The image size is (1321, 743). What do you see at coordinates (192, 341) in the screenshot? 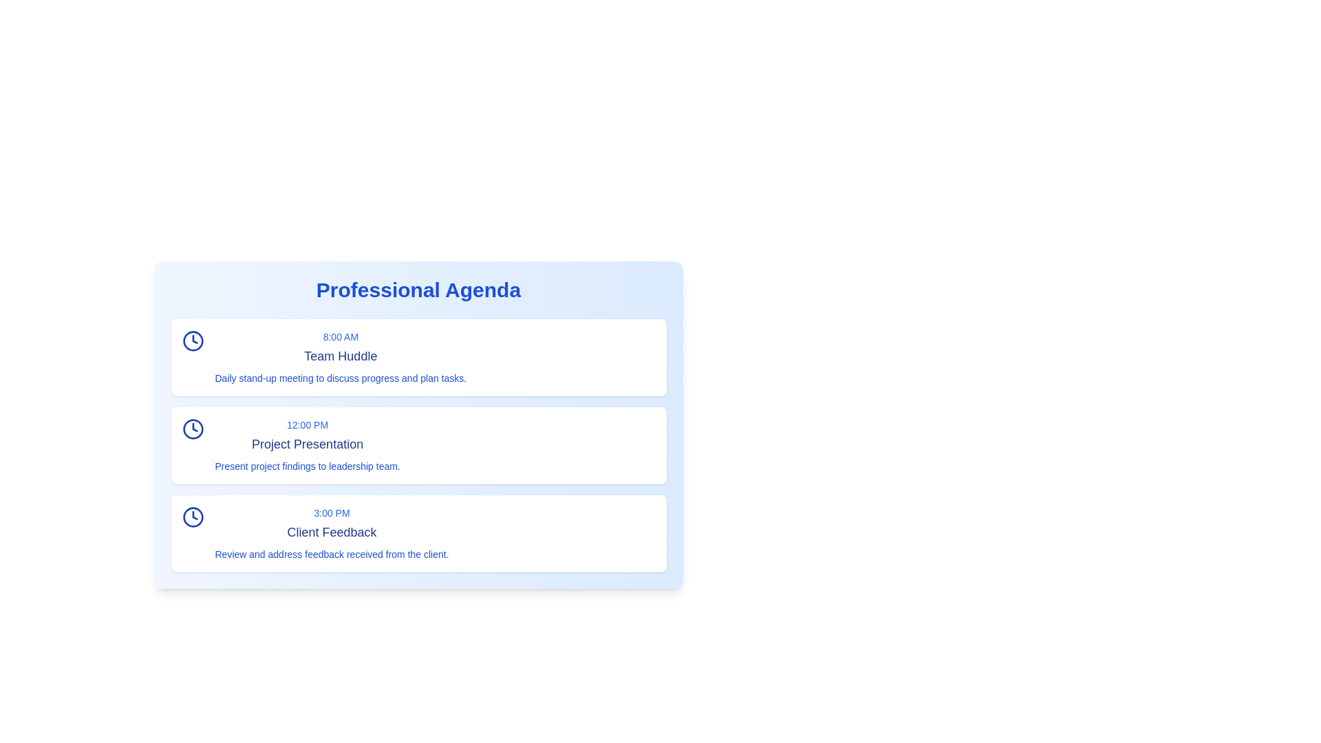
I see `the clock icon with a blue outline and white background, located next to the text '8:00 AM Team Huddle'` at bounding box center [192, 341].